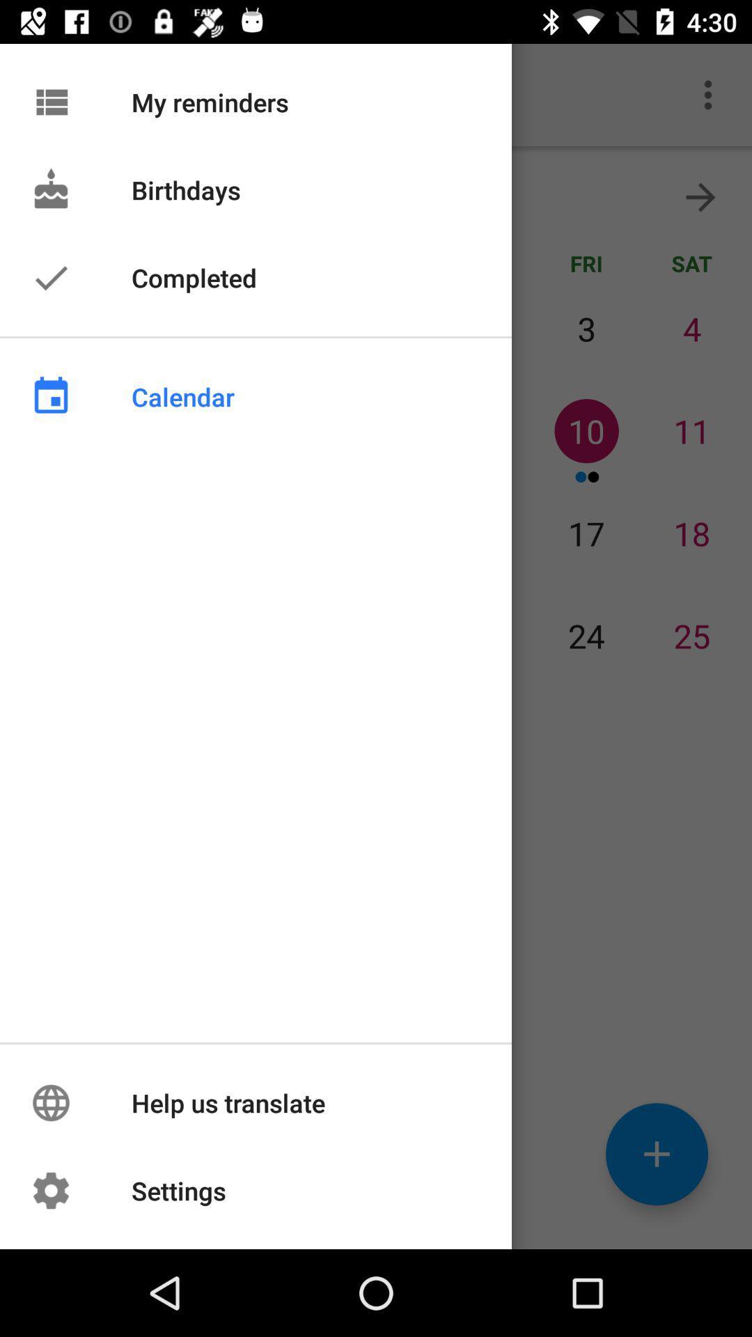 The width and height of the screenshot is (752, 1337). Describe the element at coordinates (700, 196) in the screenshot. I see `the arrow_forward icon` at that location.